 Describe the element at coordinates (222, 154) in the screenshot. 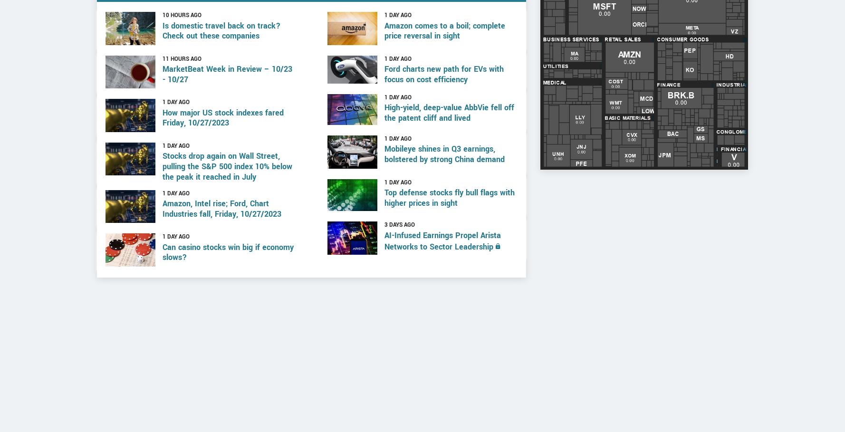

I see `'How major US stock indexes fared Friday, 10/27/2023'` at that location.